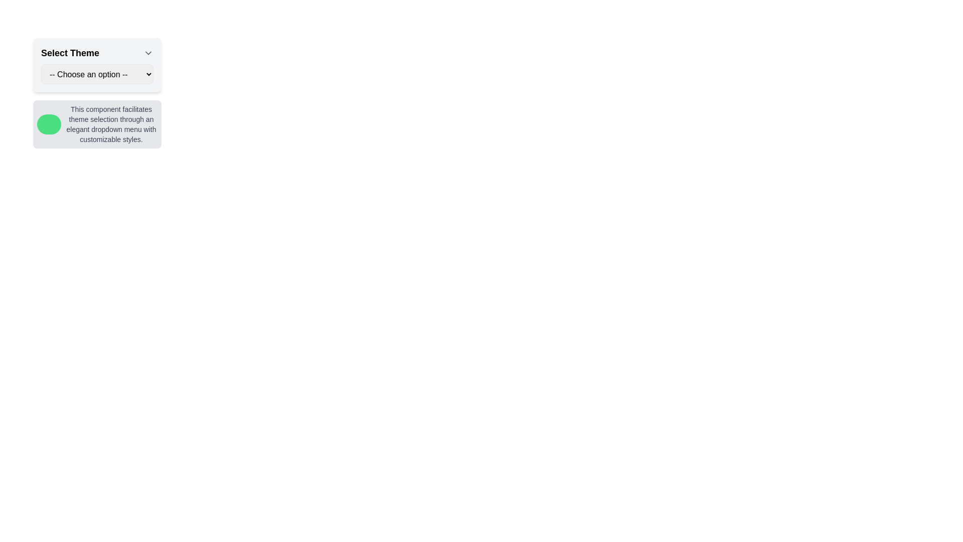 The width and height of the screenshot is (963, 542). I want to click on the Informational Display element located directly under the 'Select Theme' dropdown menu, which provides information about theme selection functionality, so click(97, 123).